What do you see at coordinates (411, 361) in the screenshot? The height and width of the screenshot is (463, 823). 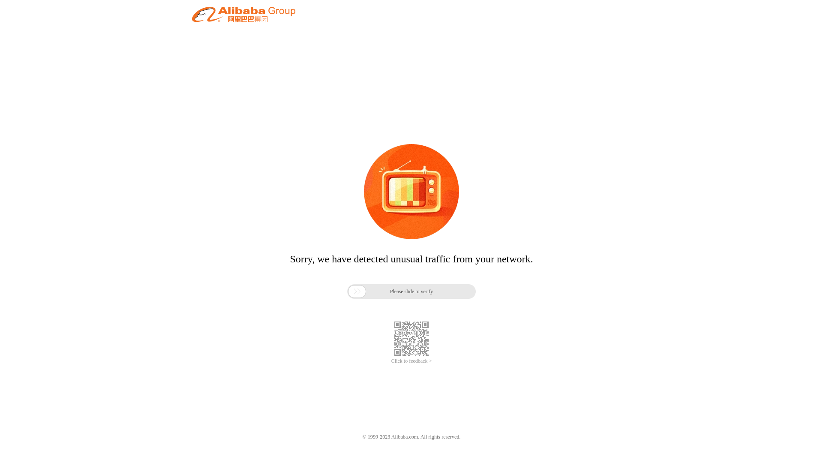 I see `'Click to feedback >'` at bounding box center [411, 361].